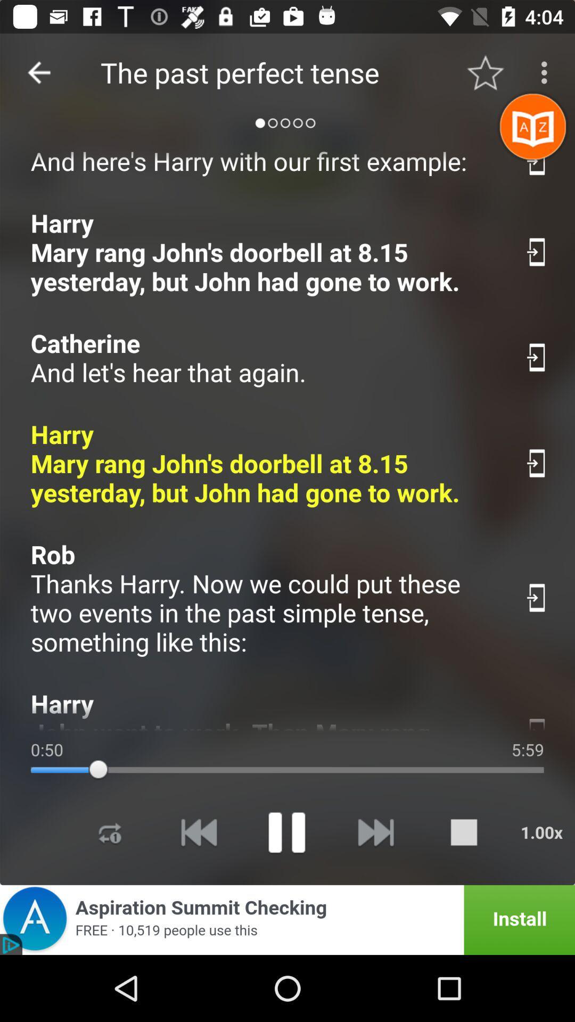  What do you see at coordinates (537, 721) in the screenshot?
I see `download to phone` at bounding box center [537, 721].